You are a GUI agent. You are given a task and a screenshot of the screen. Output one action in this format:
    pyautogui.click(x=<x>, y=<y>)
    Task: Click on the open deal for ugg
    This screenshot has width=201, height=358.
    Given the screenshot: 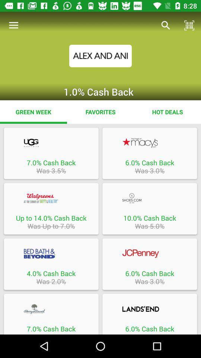 What is the action you would take?
    pyautogui.click(x=51, y=142)
    